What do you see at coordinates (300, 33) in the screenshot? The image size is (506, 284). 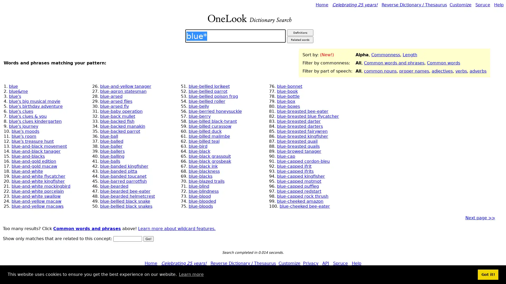 I see `Definitions` at bounding box center [300, 33].